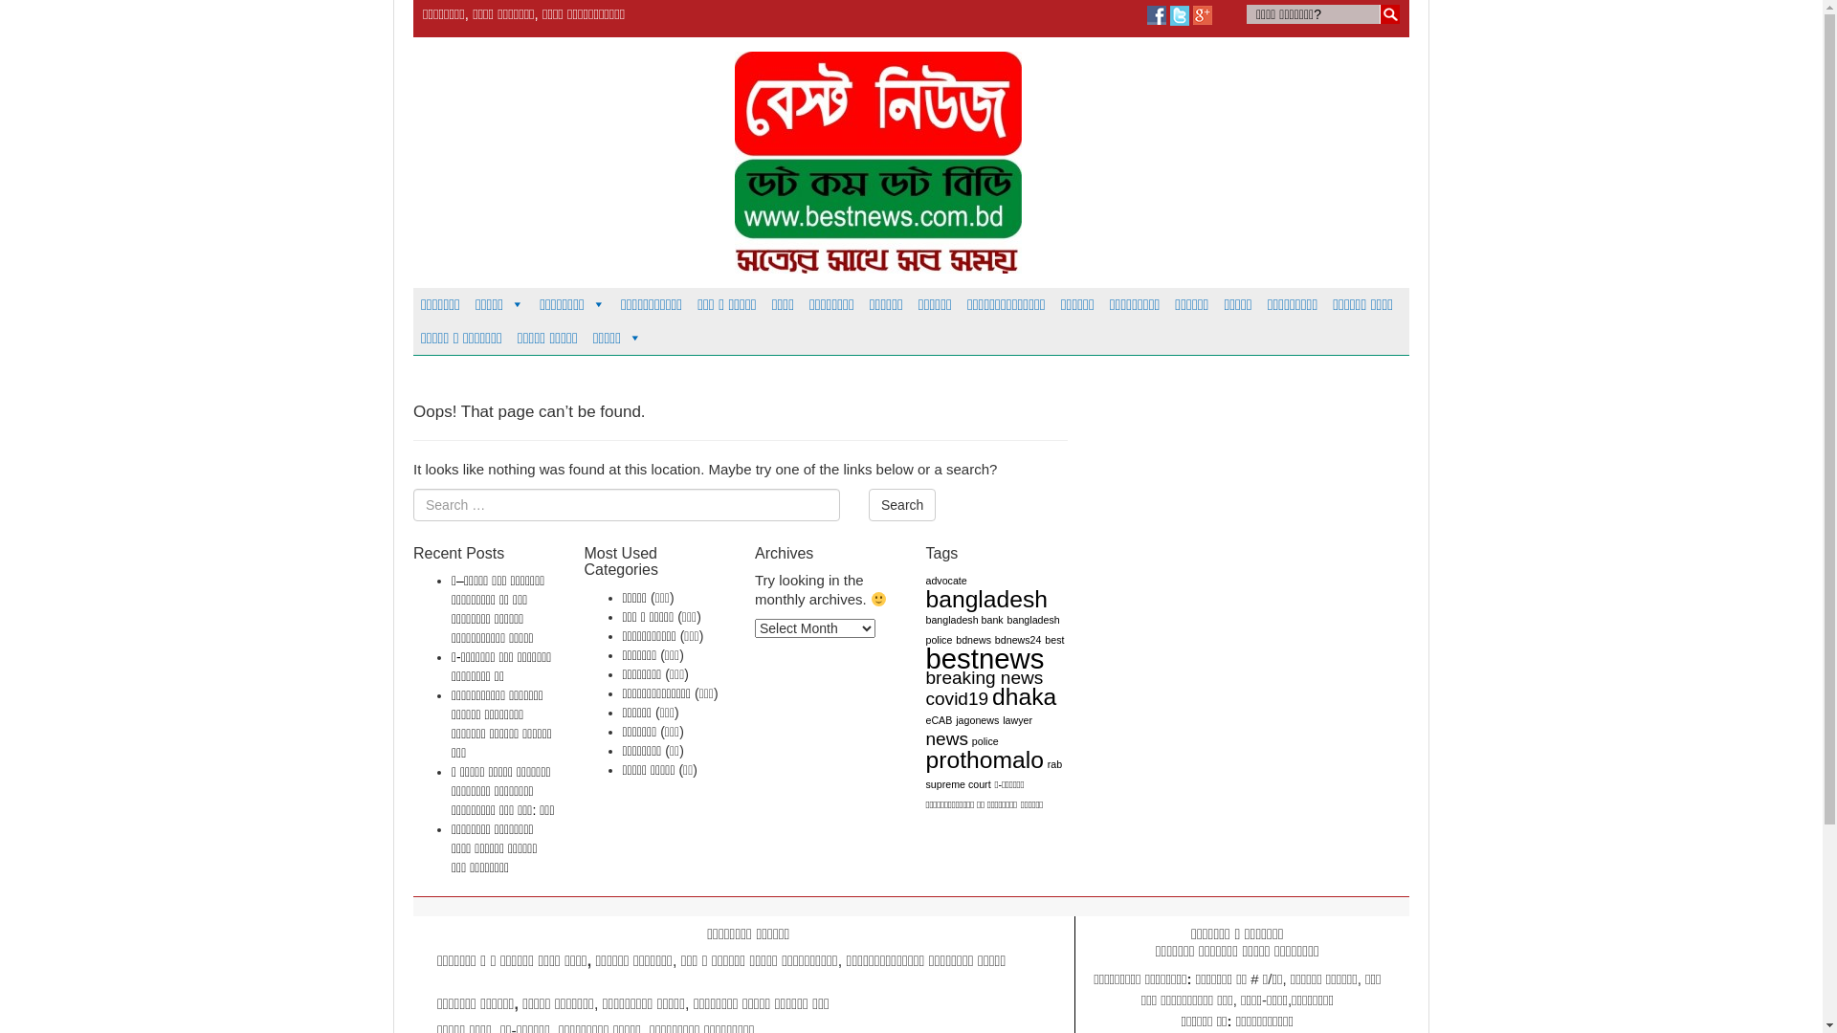  Describe the element at coordinates (946, 737) in the screenshot. I see `'news'` at that location.